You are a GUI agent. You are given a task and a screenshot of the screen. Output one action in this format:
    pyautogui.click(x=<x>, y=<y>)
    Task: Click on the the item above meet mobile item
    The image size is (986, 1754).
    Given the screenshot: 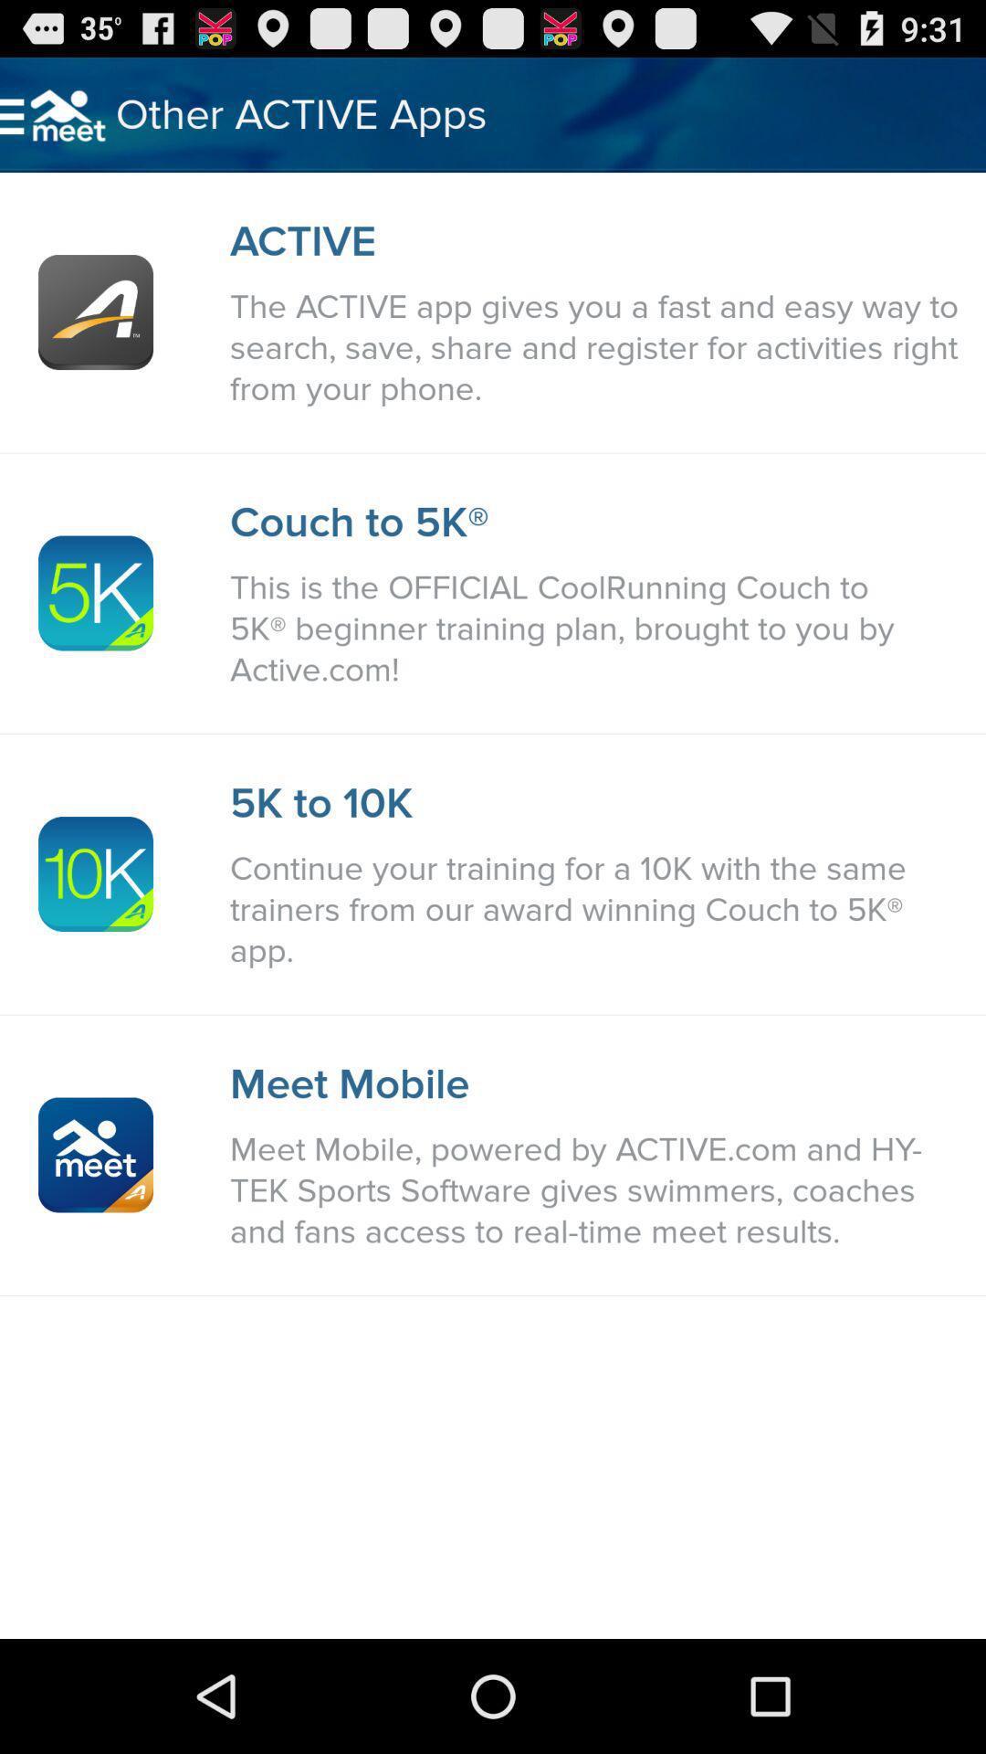 What is the action you would take?
    pyautogui.click(x=598, y=910)
    